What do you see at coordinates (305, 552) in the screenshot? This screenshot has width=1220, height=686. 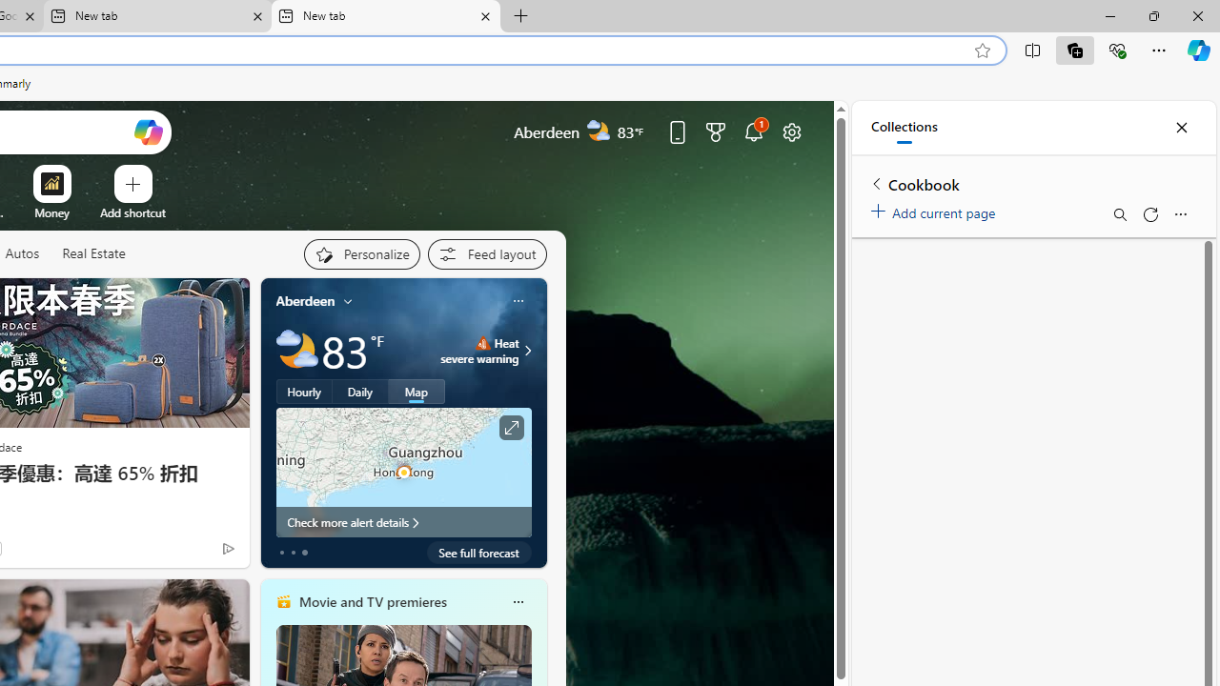 I see `'tab-2'` at bounding box center [305, 552].